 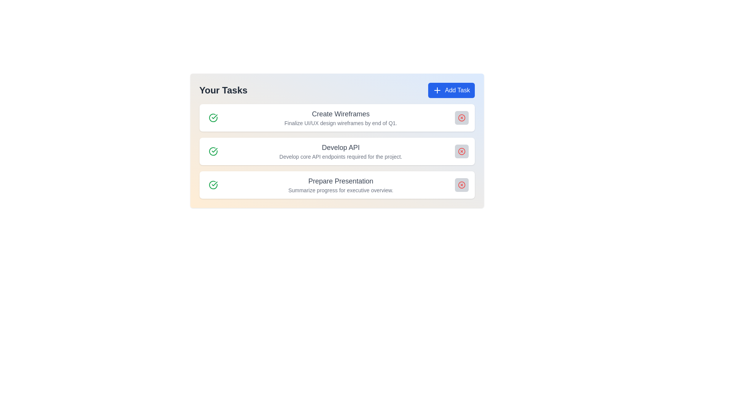 I want to click on the checkmark icon within the green circular icon, which is part of the confirmation indicator for the task labeled 'Prepare Presentation.', so click(x=214, y=184).